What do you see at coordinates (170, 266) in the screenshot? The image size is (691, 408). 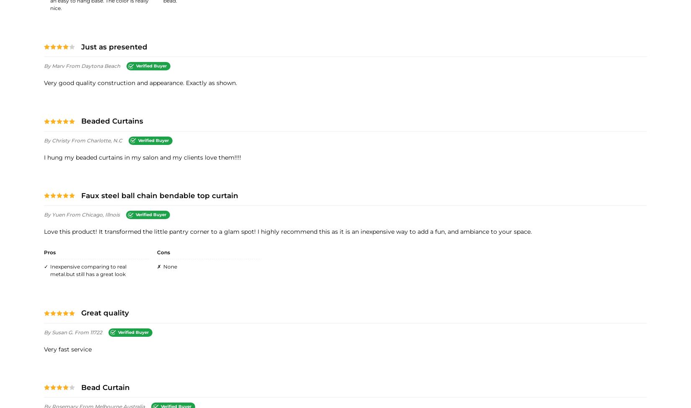 I see `'None'` at bounding box center [170, 266].